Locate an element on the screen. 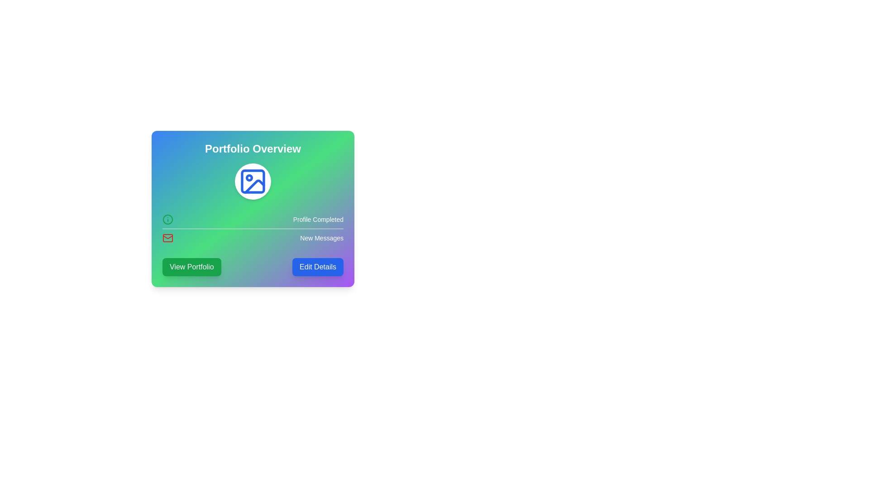  the thin horizontal line that is part of the envelope icon located in the left section of the card layout, below the profile progress indicator and aligned with the 'New Messages' label is located at coordinates (167, 236).